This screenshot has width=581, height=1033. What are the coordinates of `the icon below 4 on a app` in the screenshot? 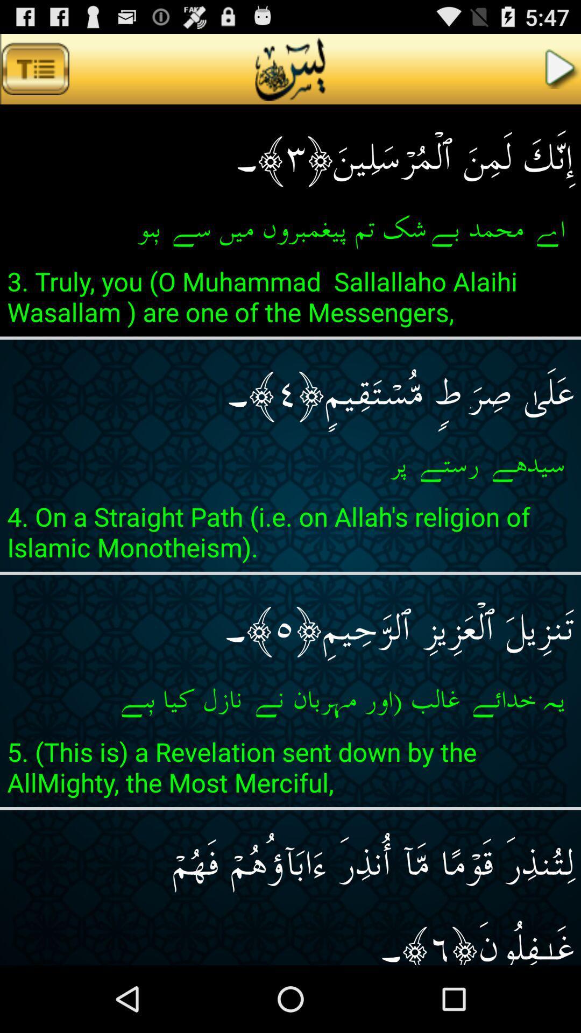 It's located at (290, 621).